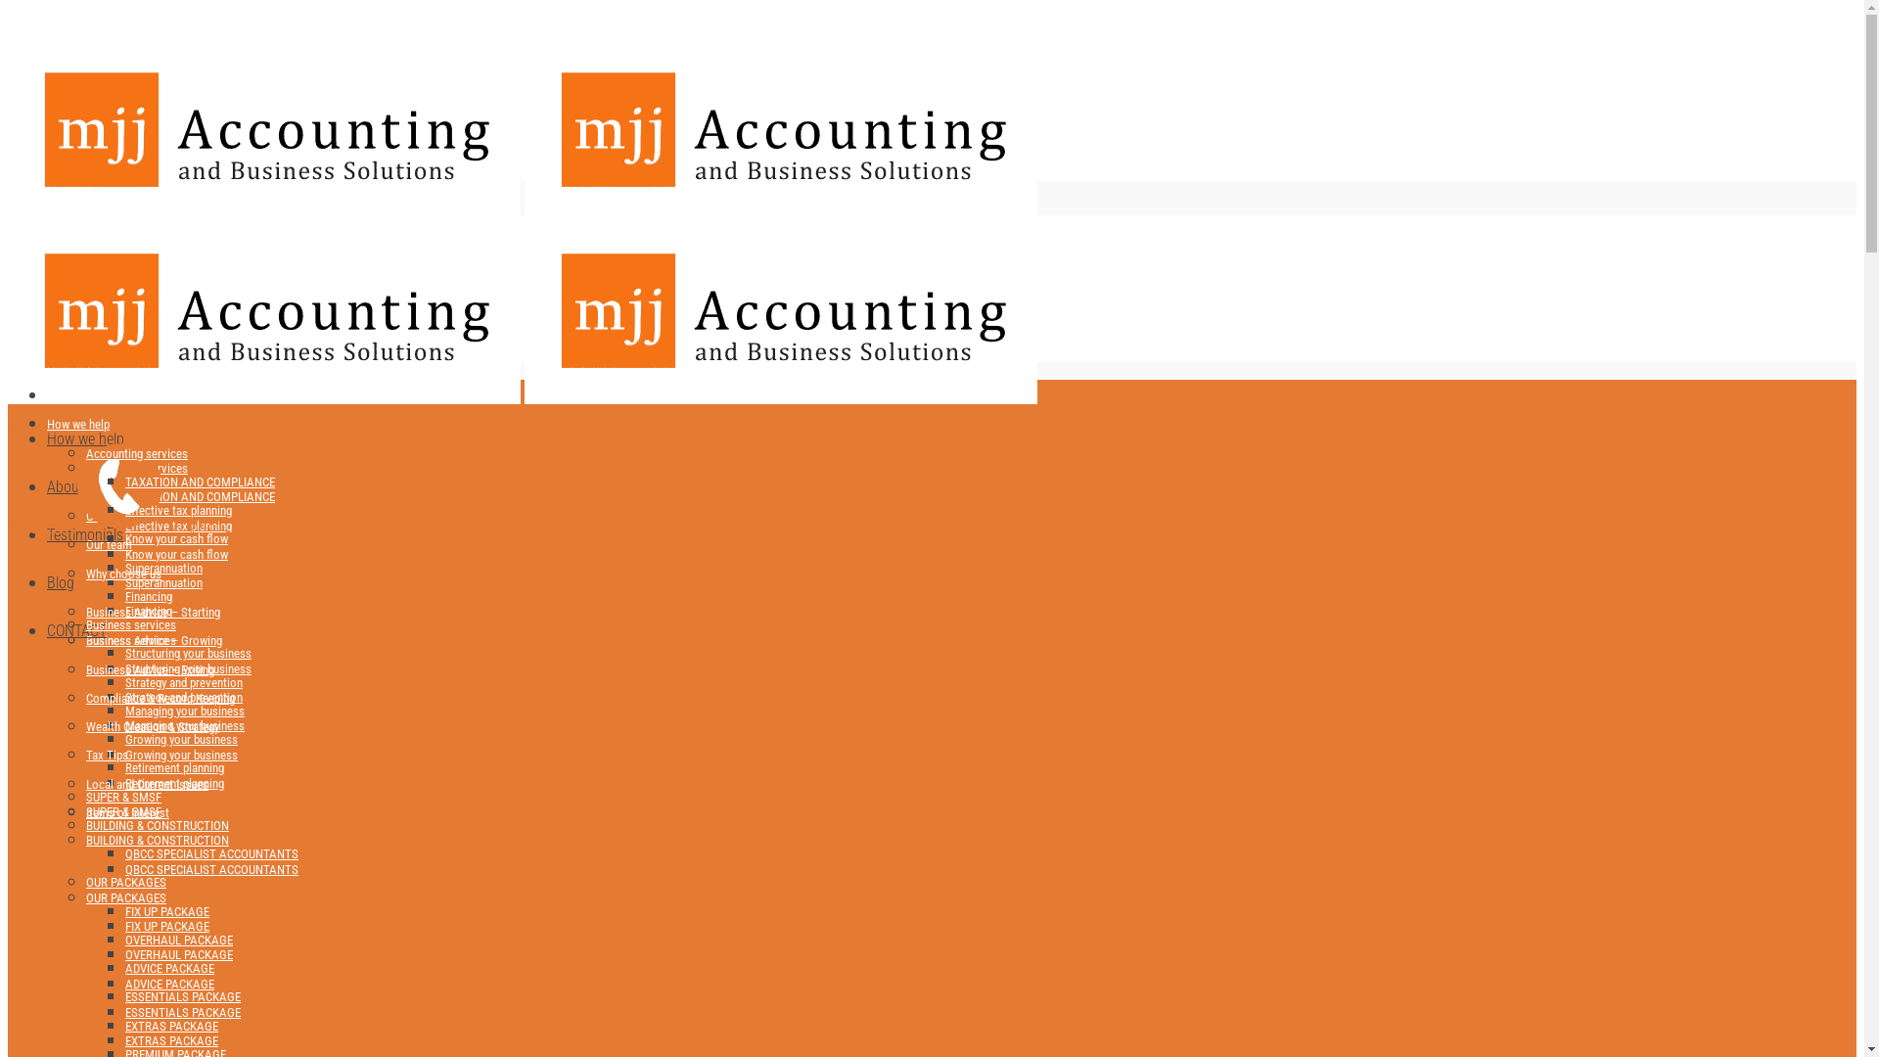 The width and height of the screenshot is (1879, 1057). Describe the element at coordinates (125, 897) in the screenshot. I see `'OUR PACKAGES'` at that location.